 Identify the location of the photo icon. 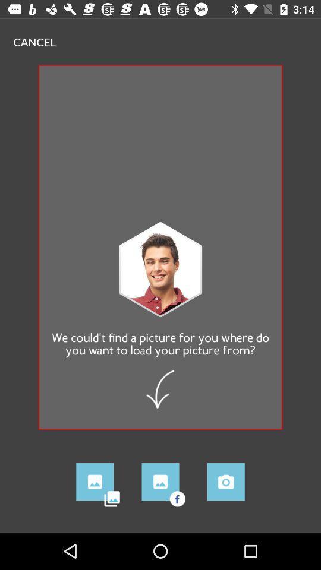
(226, 482).